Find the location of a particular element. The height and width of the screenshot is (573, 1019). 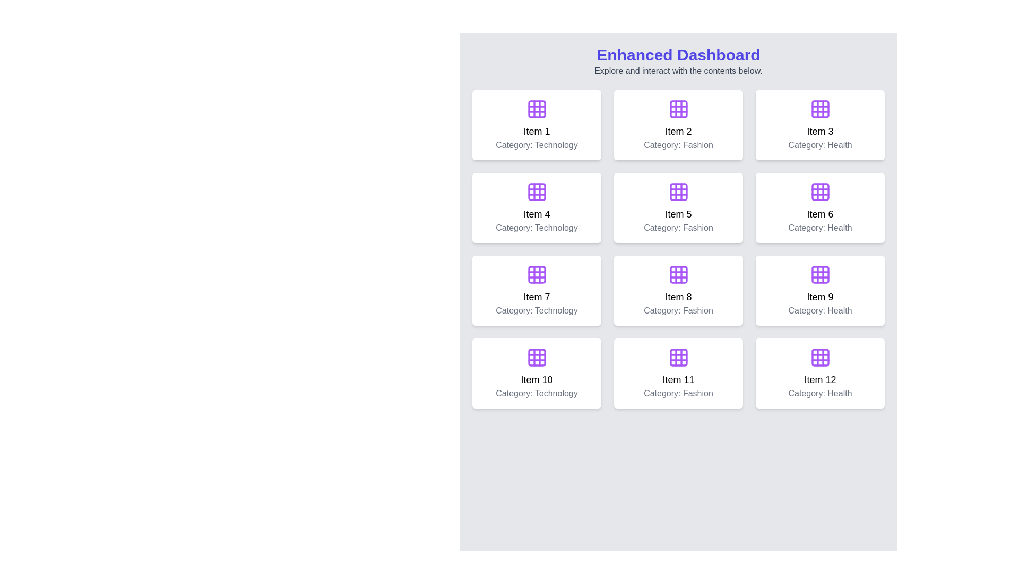

the static text label that categorizes 'Item 12' as 'Health', located in the bottom-right card of the grid layout is located at coordinates (819, 393).